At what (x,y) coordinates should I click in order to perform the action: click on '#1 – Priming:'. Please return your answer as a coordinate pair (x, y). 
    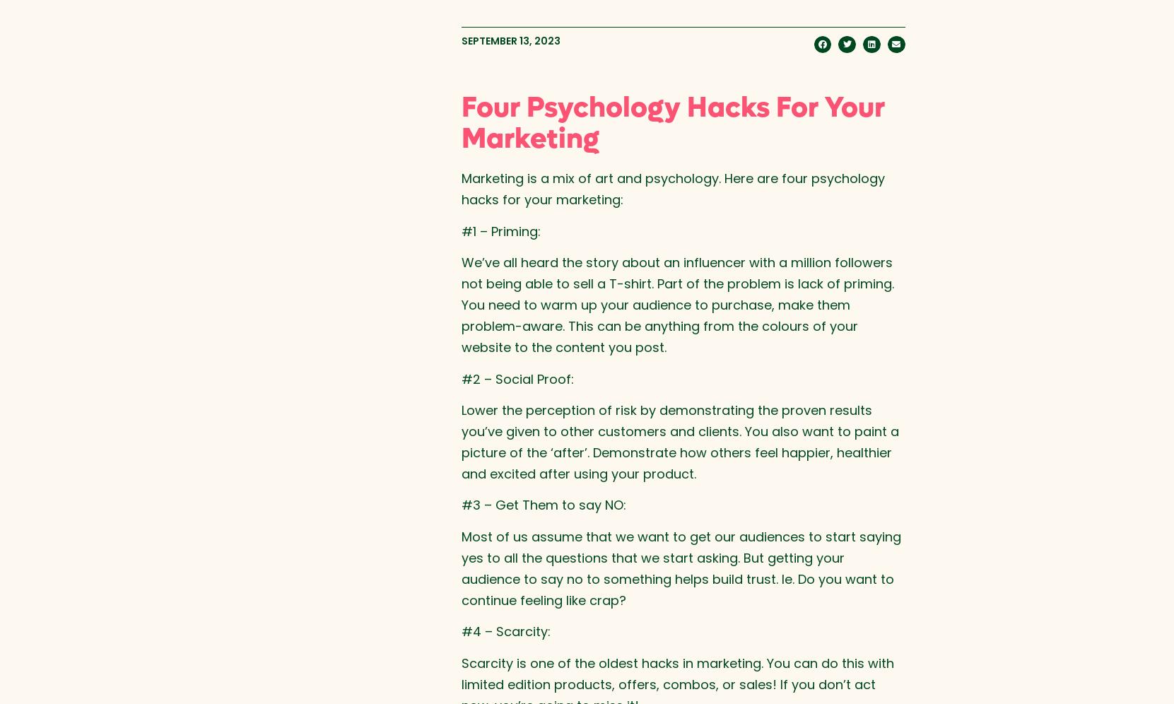
    Looking at the image, I should click on (500, 230).